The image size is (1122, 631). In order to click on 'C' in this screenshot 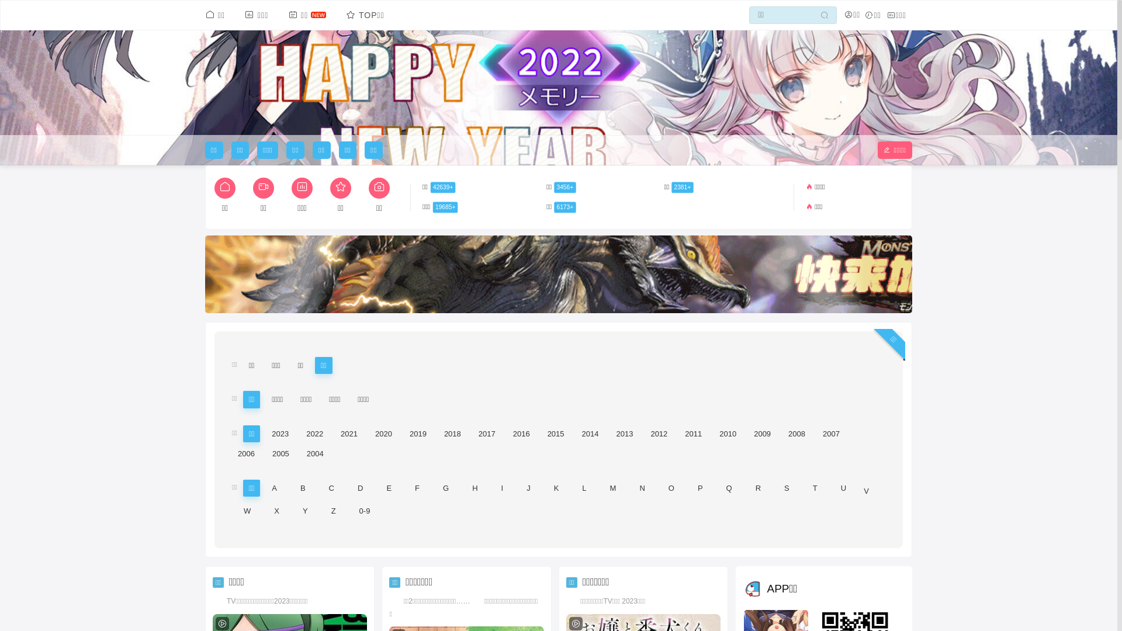, I will do `click(331, 488)`.